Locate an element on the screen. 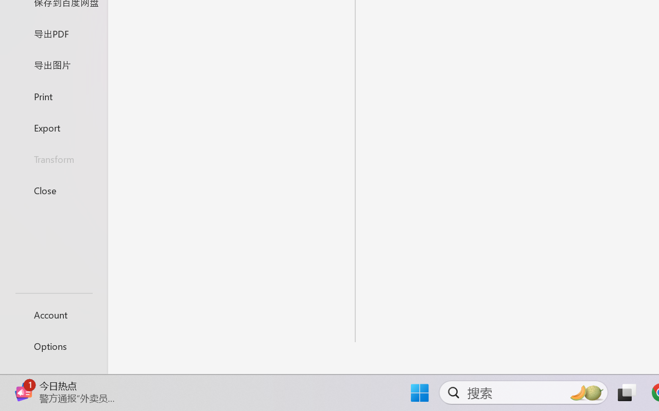  'Print' is located at coordinates (53, 96).